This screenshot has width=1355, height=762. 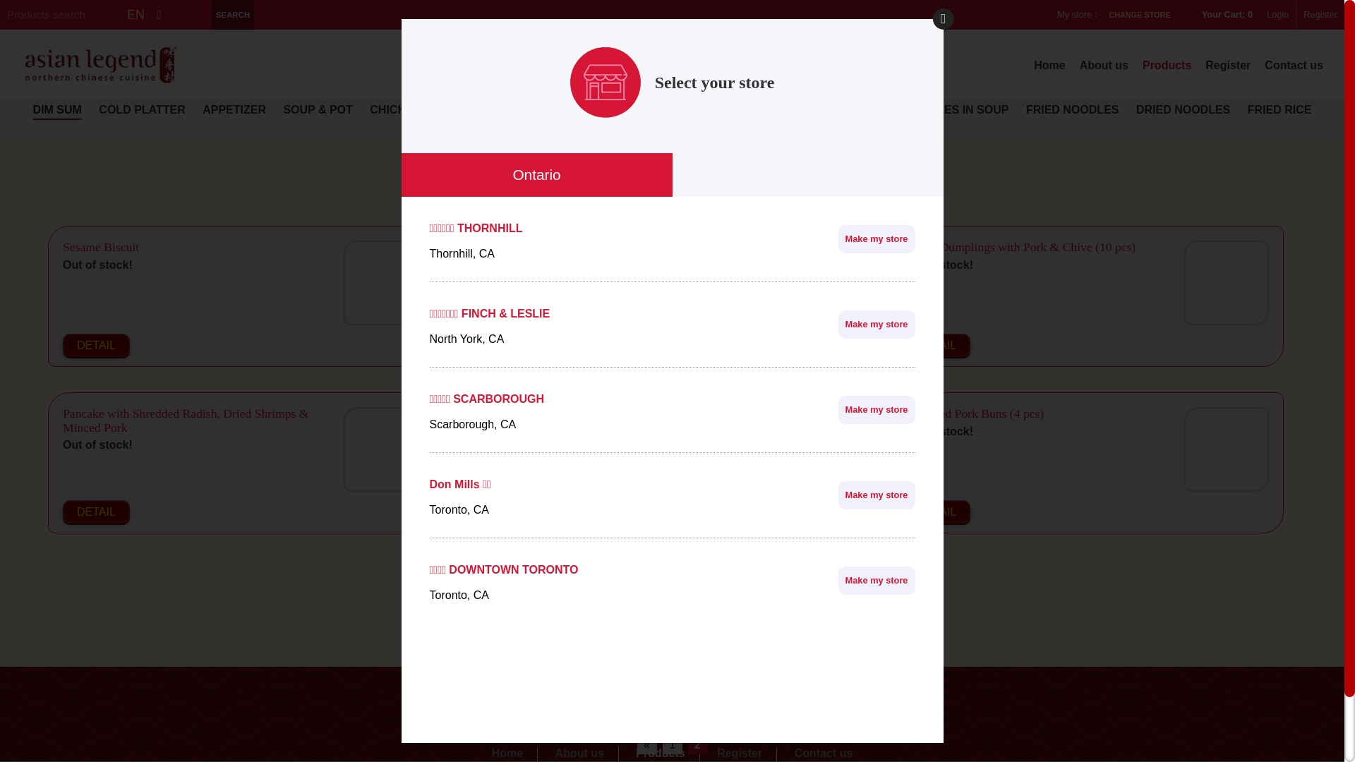 What do you see at coordinates (1049, 65) in the screenshot?
I see `'Home'` at bounding box center [1049, 65].